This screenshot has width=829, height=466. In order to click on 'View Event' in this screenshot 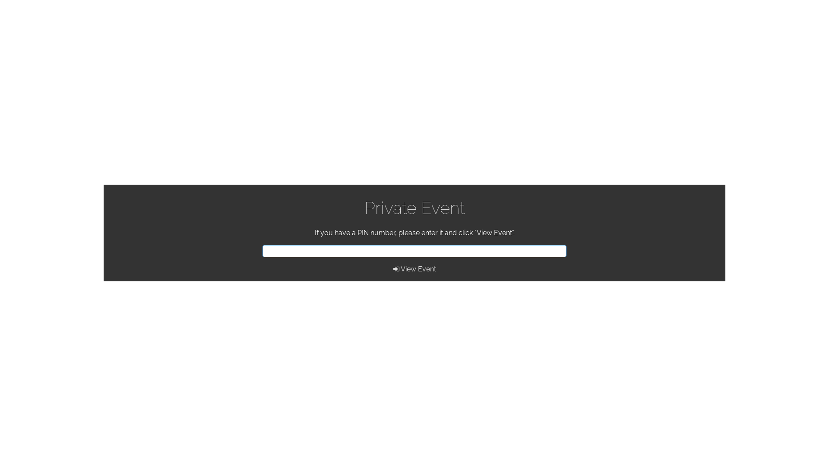, I will do `click(414, 268)`.